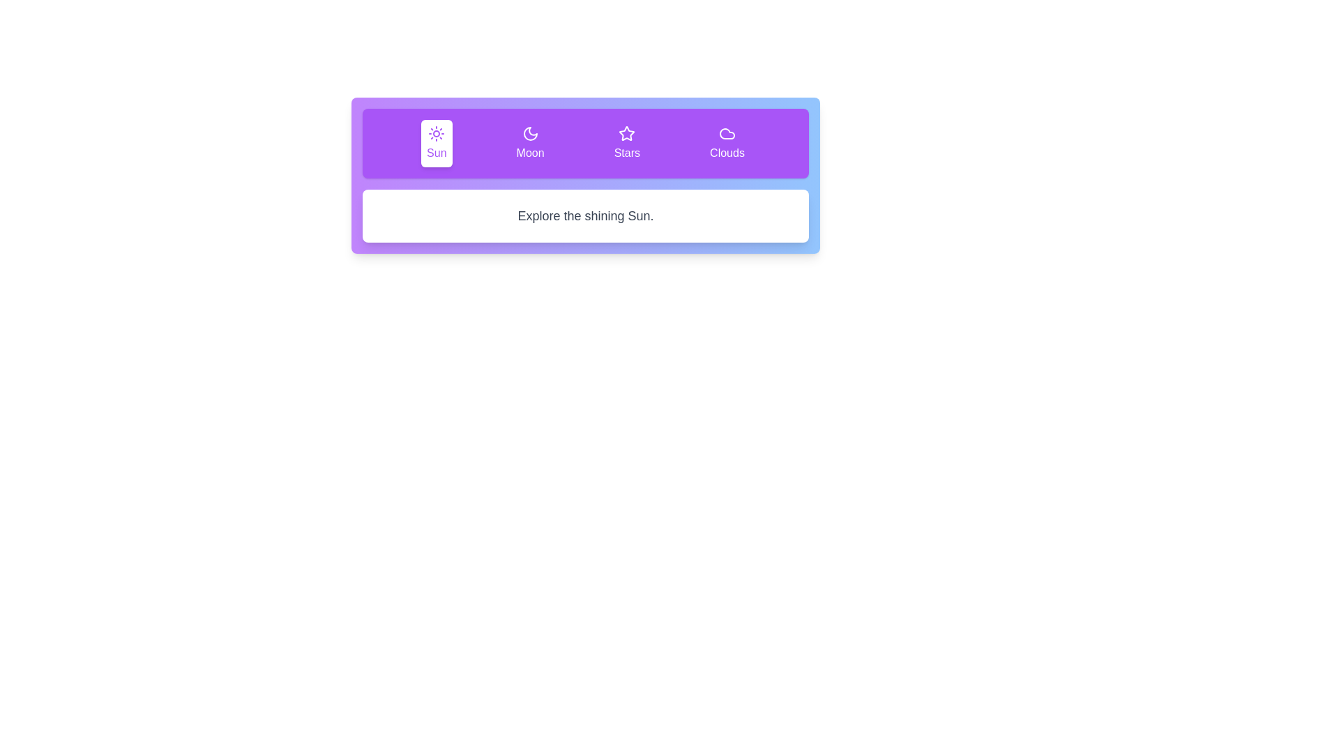 The width and height of the screenshot is (1339, 753). Describe the element at coordinates (529, 134) in the screenshot. I see `the 'Moon' icon` at that location.